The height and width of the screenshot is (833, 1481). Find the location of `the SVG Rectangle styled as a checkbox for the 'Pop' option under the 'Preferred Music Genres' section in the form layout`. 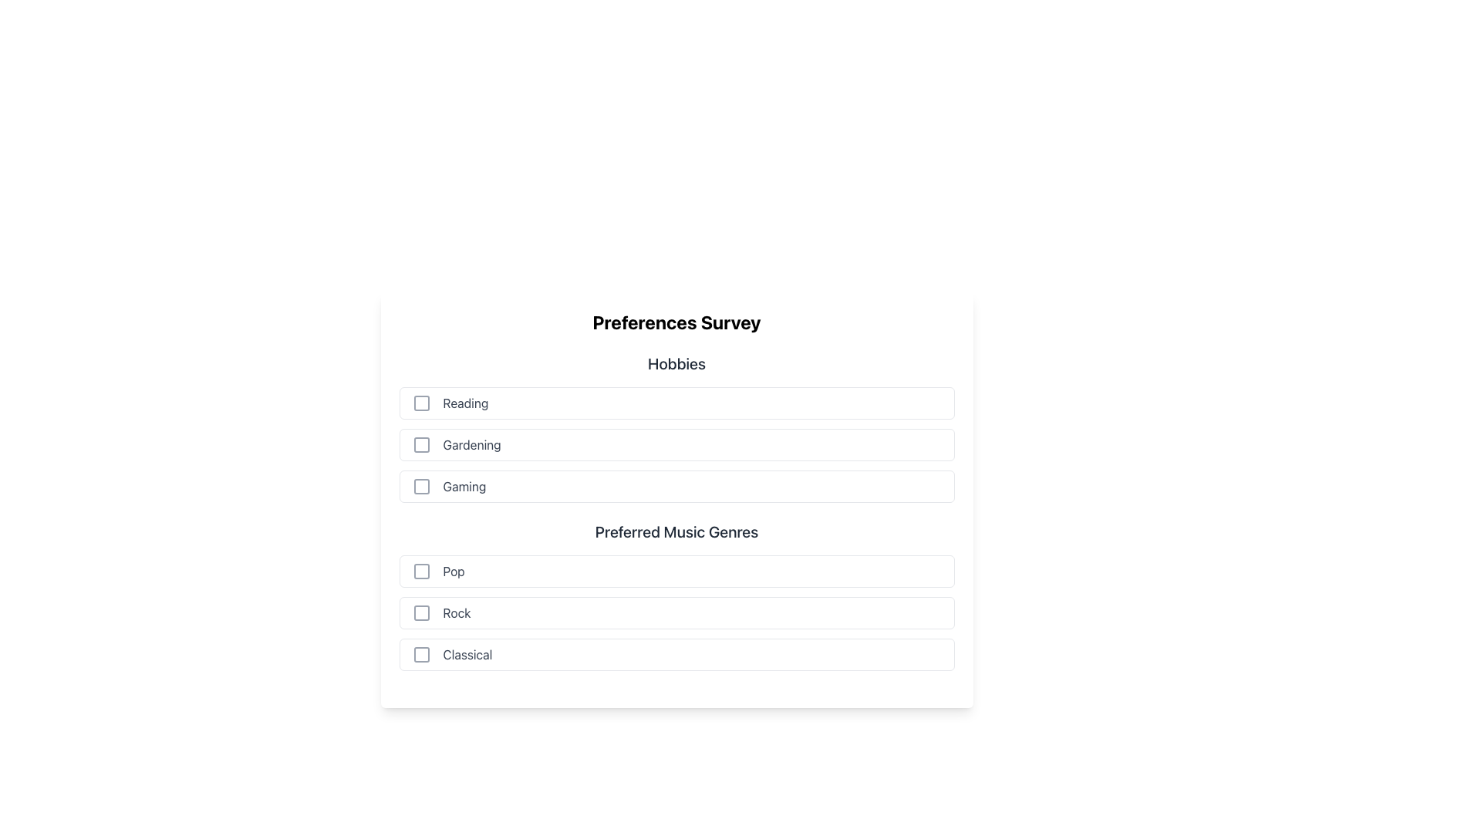

the SVG Rectangle styled as a checkbox for the 'Pop' option under the 'Preferred Music Genres' section in the form layout is located at coordinates (421, 571).